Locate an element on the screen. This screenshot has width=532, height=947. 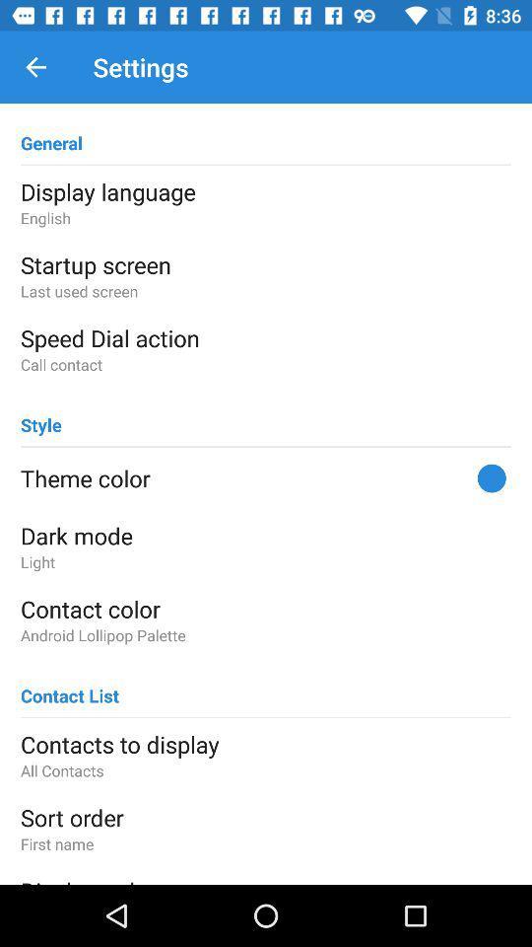
all contacts icon is located at coordinates (266, 770).